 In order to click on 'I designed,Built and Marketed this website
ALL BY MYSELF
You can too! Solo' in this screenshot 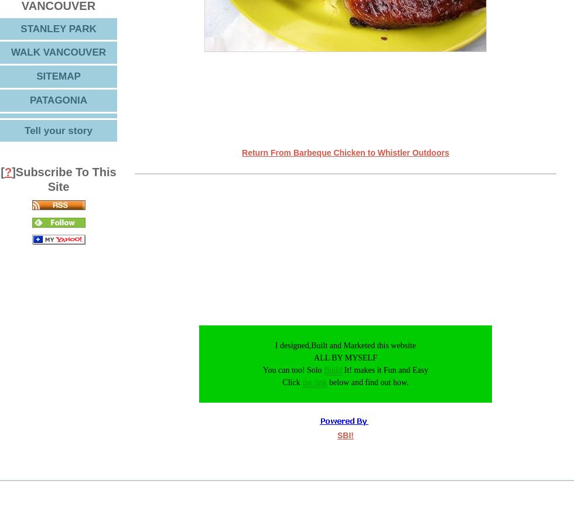, I will do `click(339, 357)`.